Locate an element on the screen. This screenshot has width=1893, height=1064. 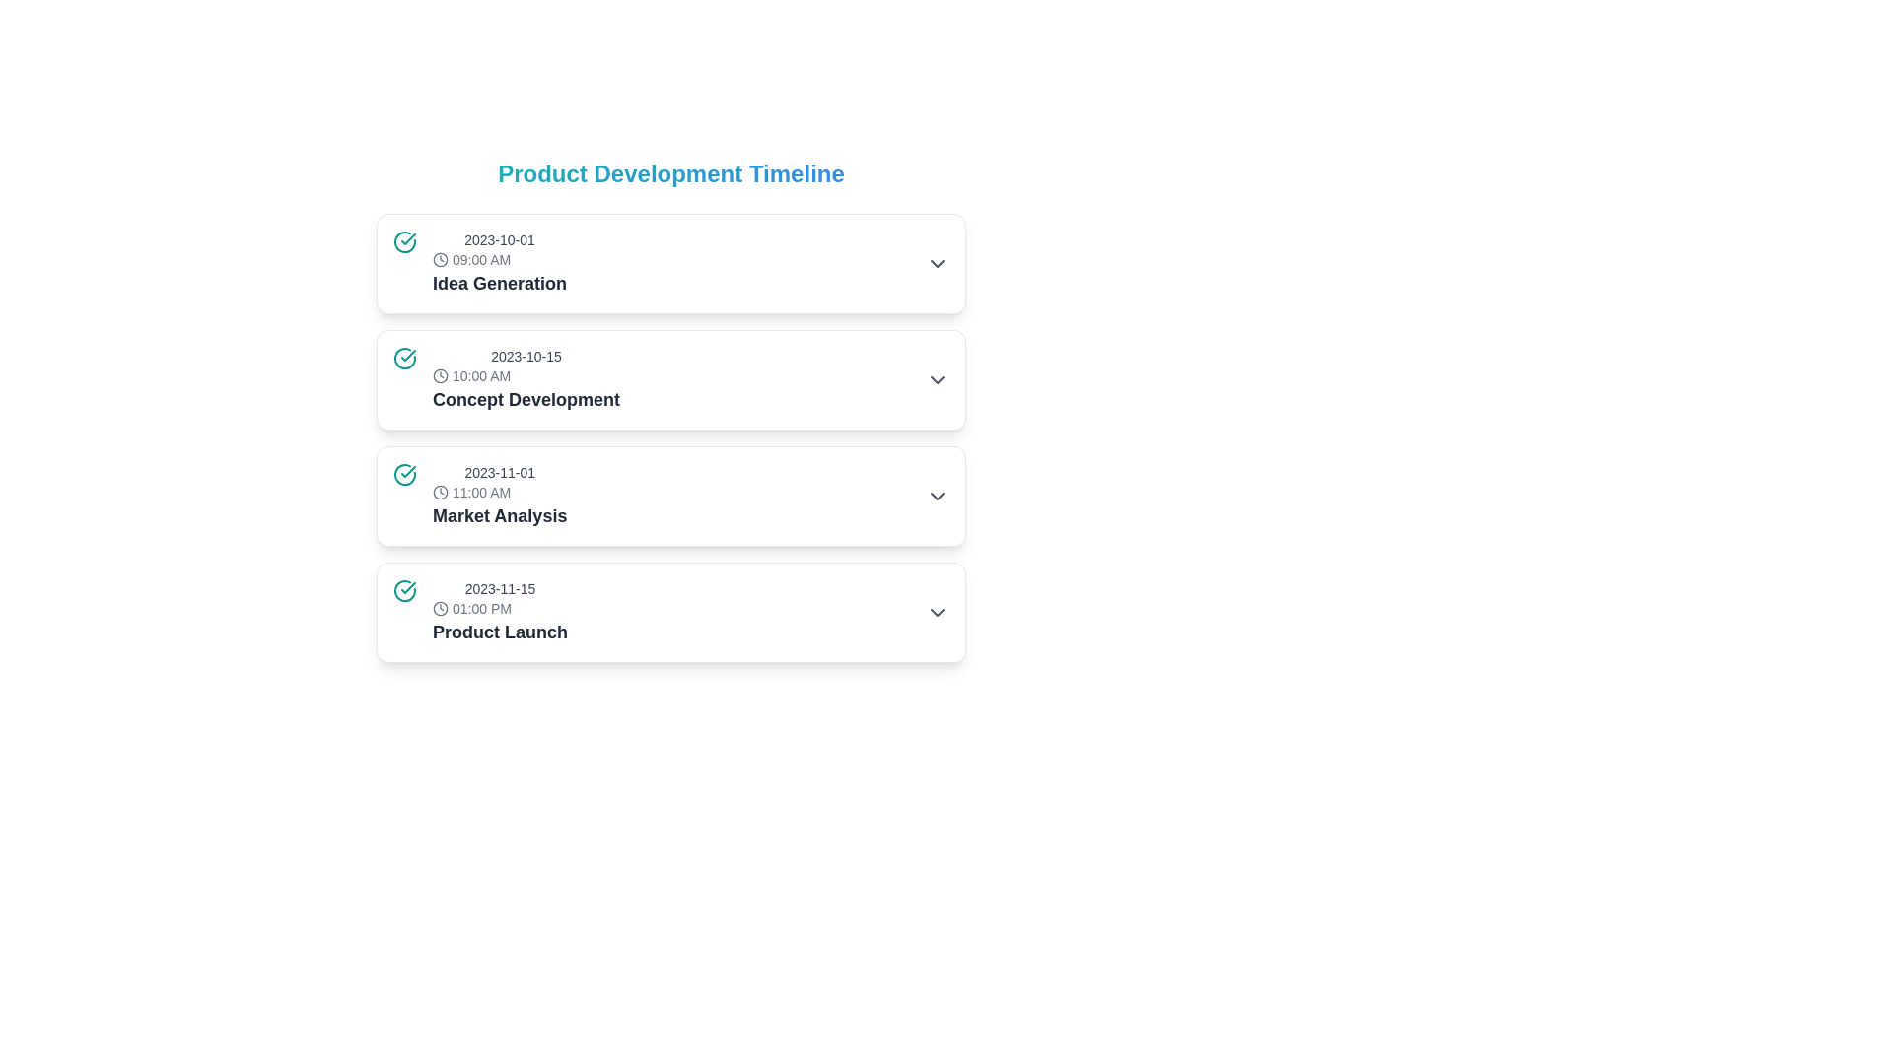
the downward-pointing chevron icon styled in gray, located at the far right end of the 'Product Launch' item box is located at coordinates (936, 611).